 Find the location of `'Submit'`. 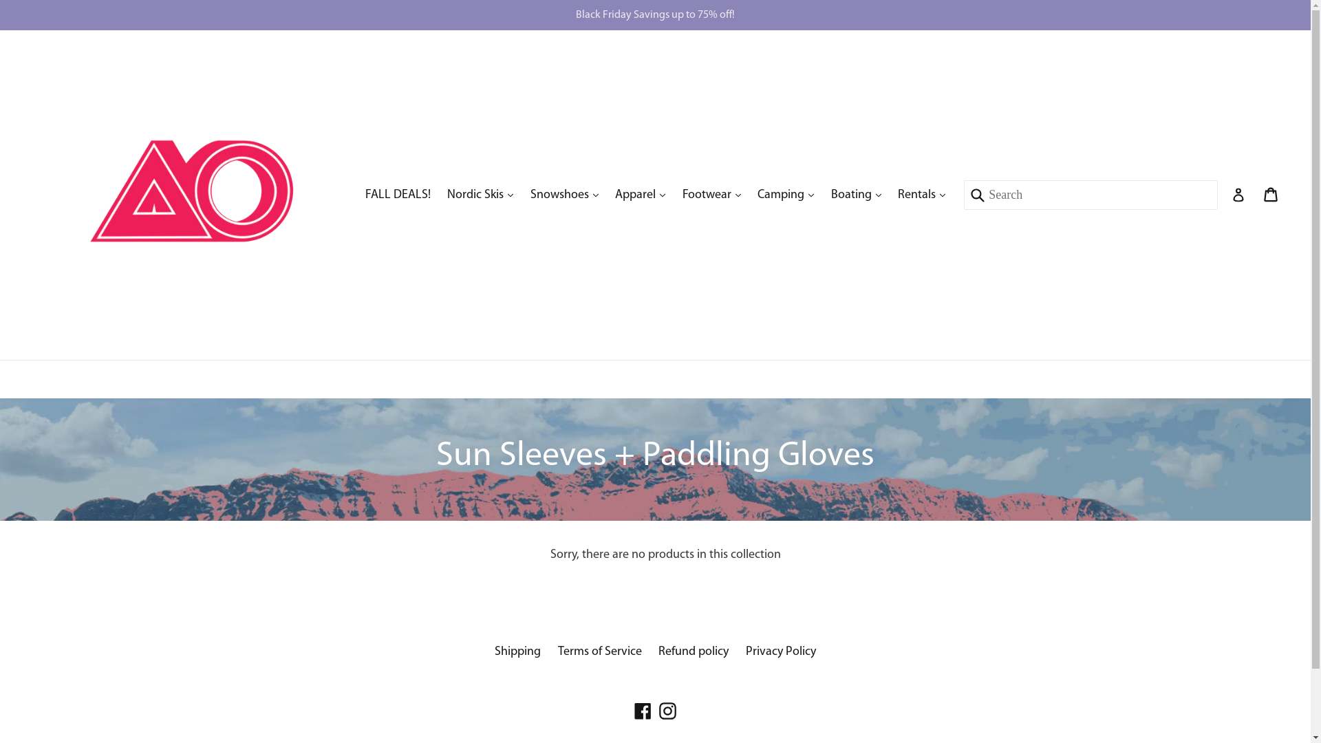

'Submit' is located at coordinates (974, 195).